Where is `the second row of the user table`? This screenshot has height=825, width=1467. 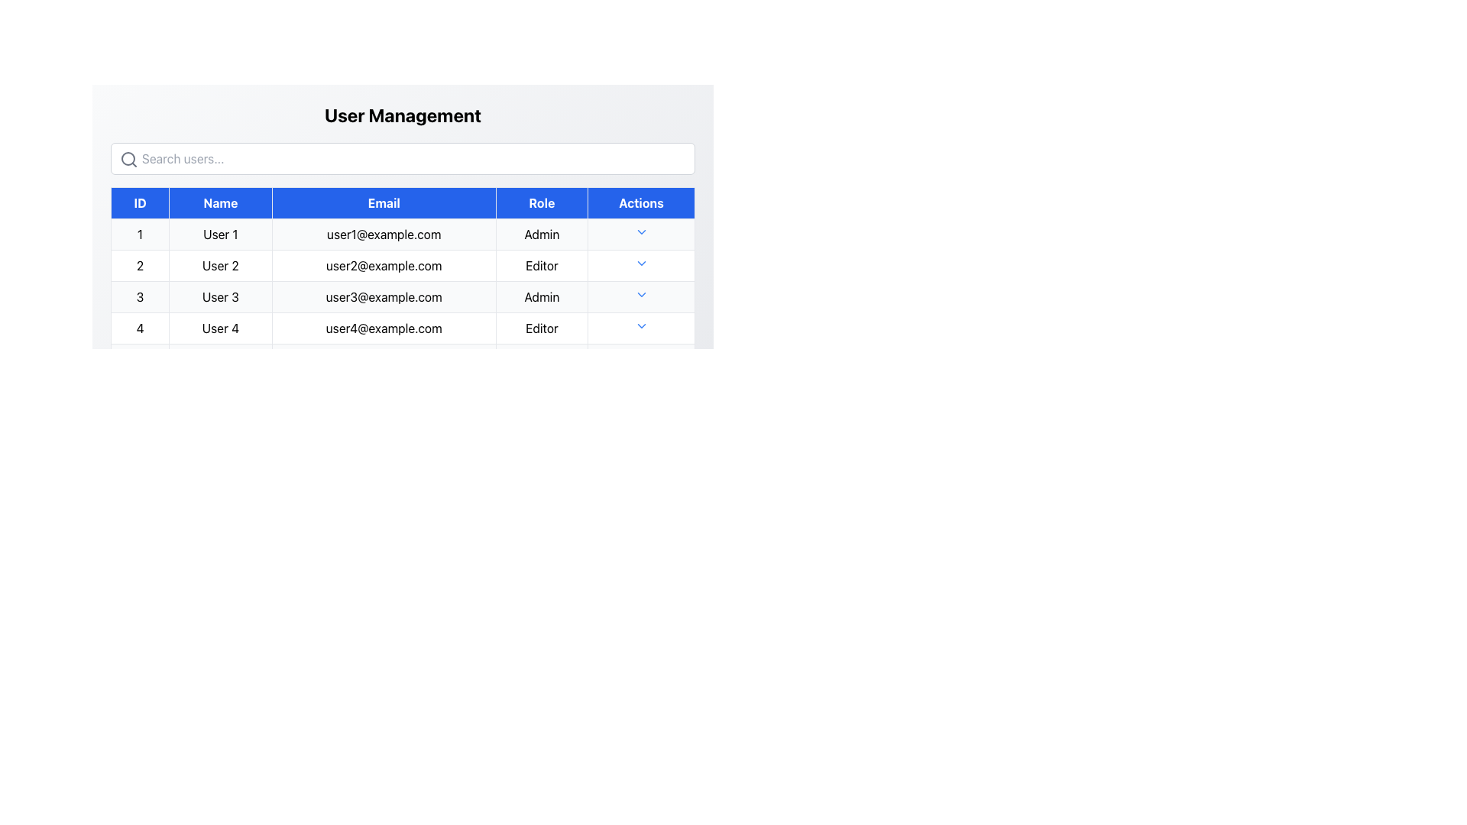
the second row of the user table is located at coordinates (403, 264).